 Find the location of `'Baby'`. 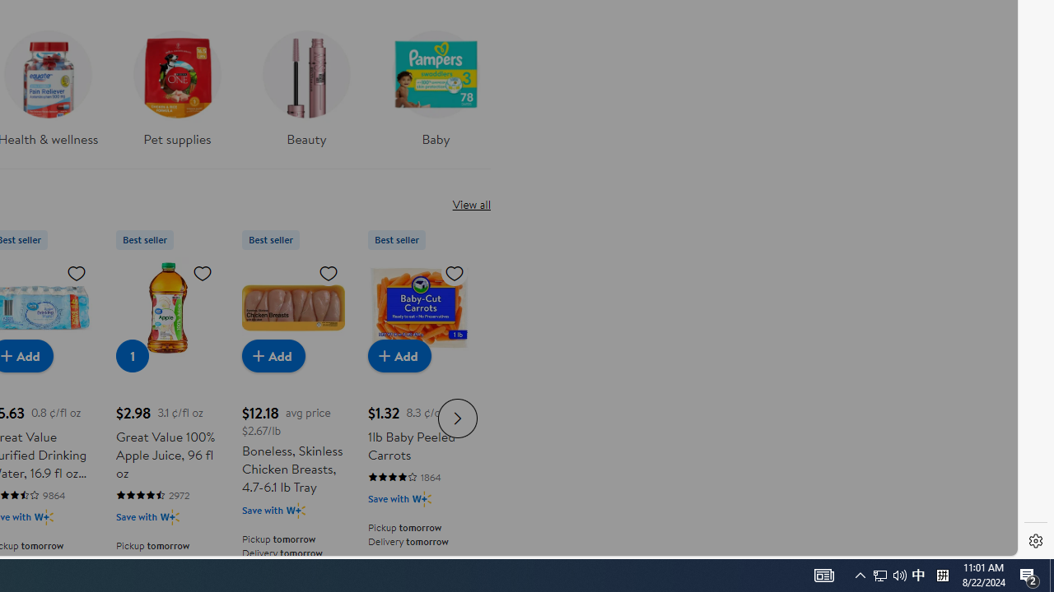

'Baby' is located at coordinates (436, 94).